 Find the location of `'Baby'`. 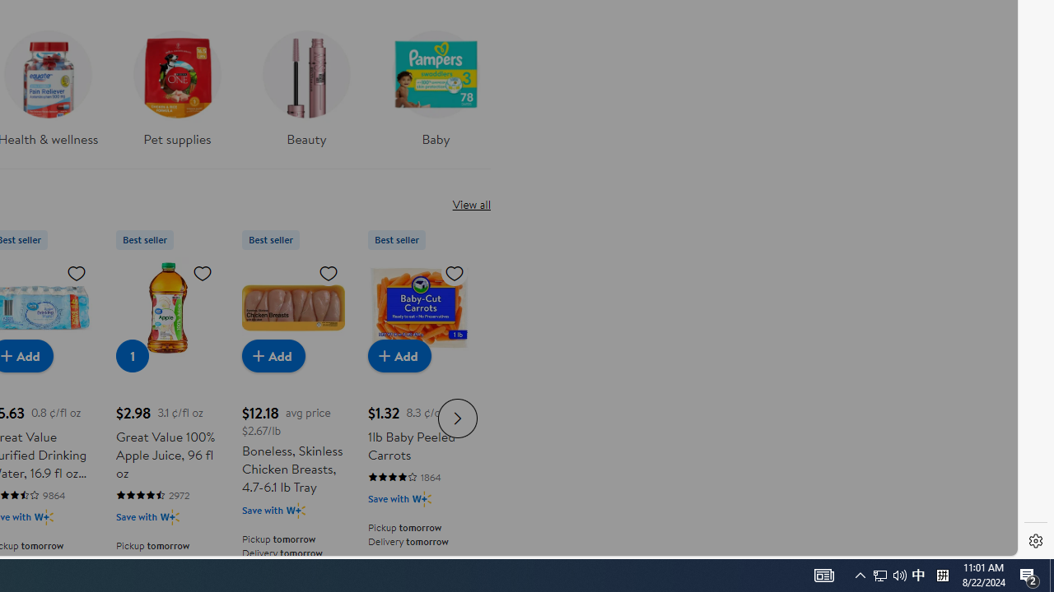

'Baby' is located at coordinates (436, 94).